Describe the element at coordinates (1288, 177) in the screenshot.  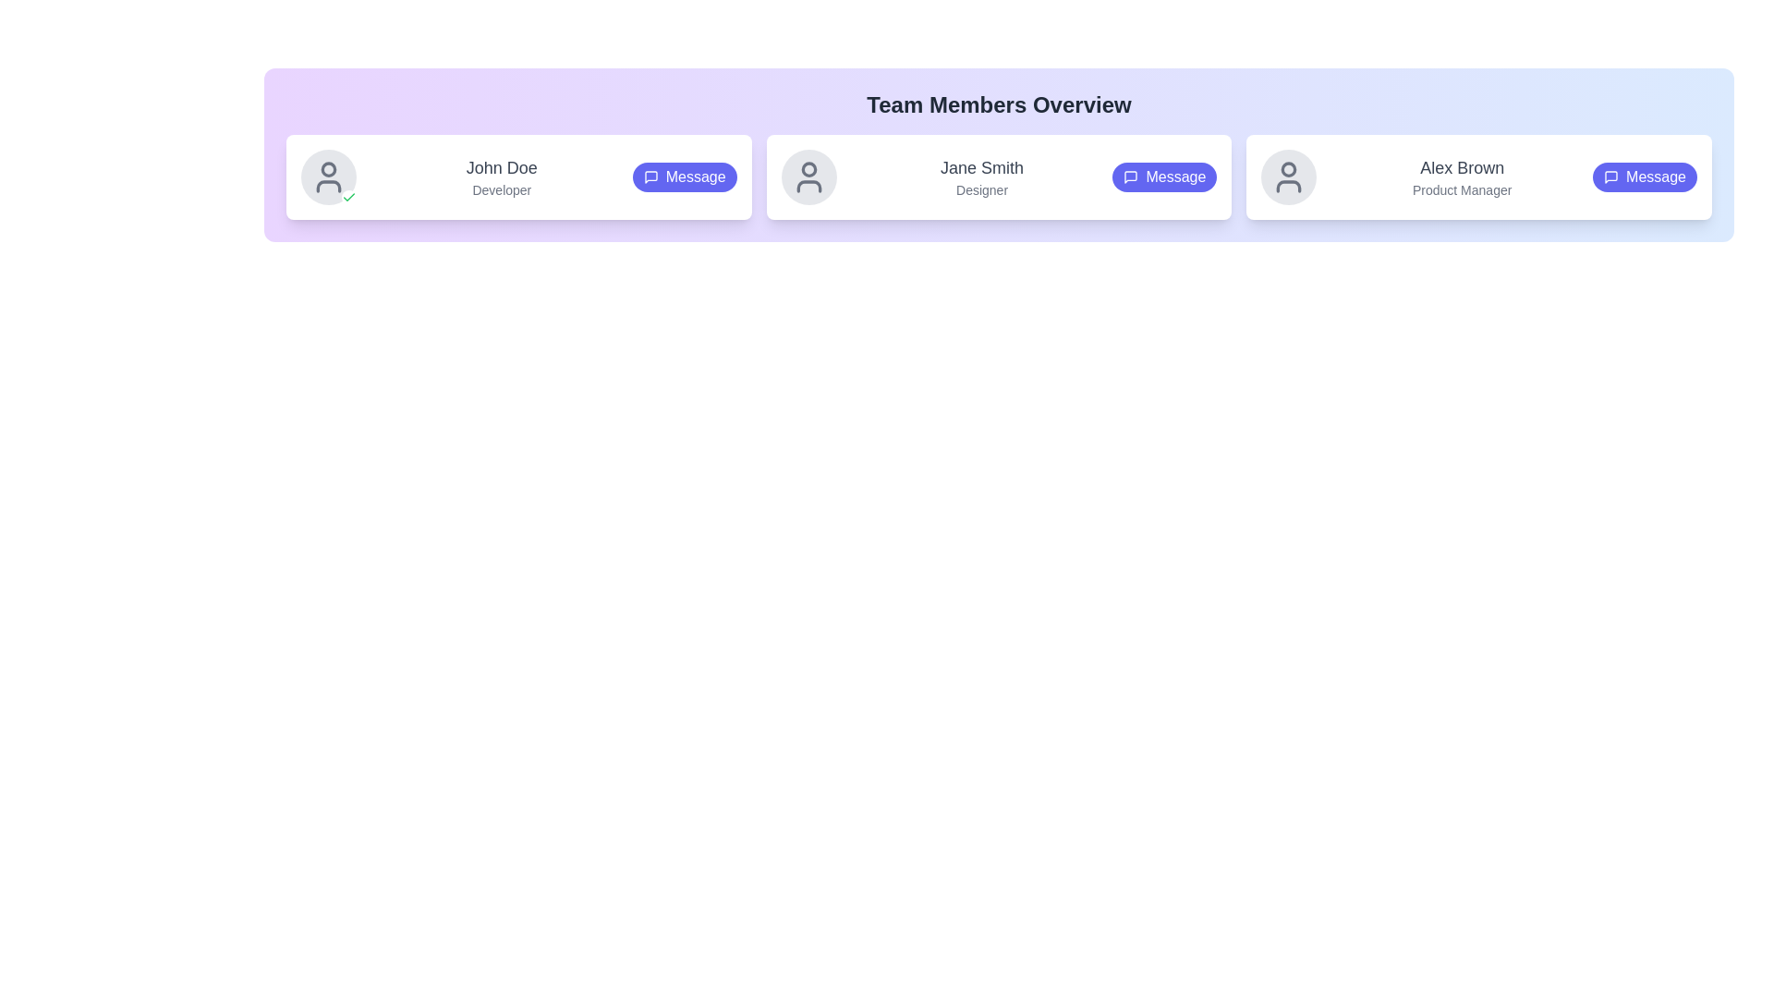
I see `the circular Avatar icon with a generic user silhouette located in the panel for 'Alex Brown', which is part of the 'Team Members Overview'` at that location.